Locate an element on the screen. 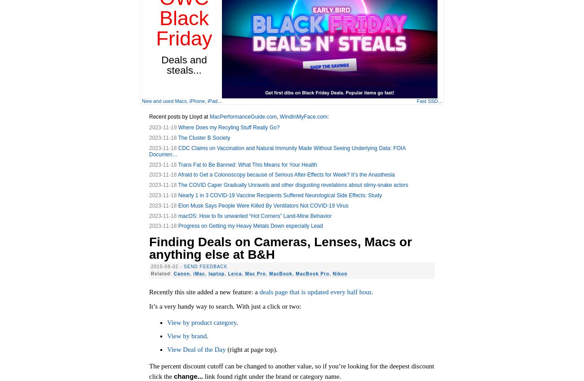  'MacPerformanceGuide.com' is located at coordinates (243, 116).